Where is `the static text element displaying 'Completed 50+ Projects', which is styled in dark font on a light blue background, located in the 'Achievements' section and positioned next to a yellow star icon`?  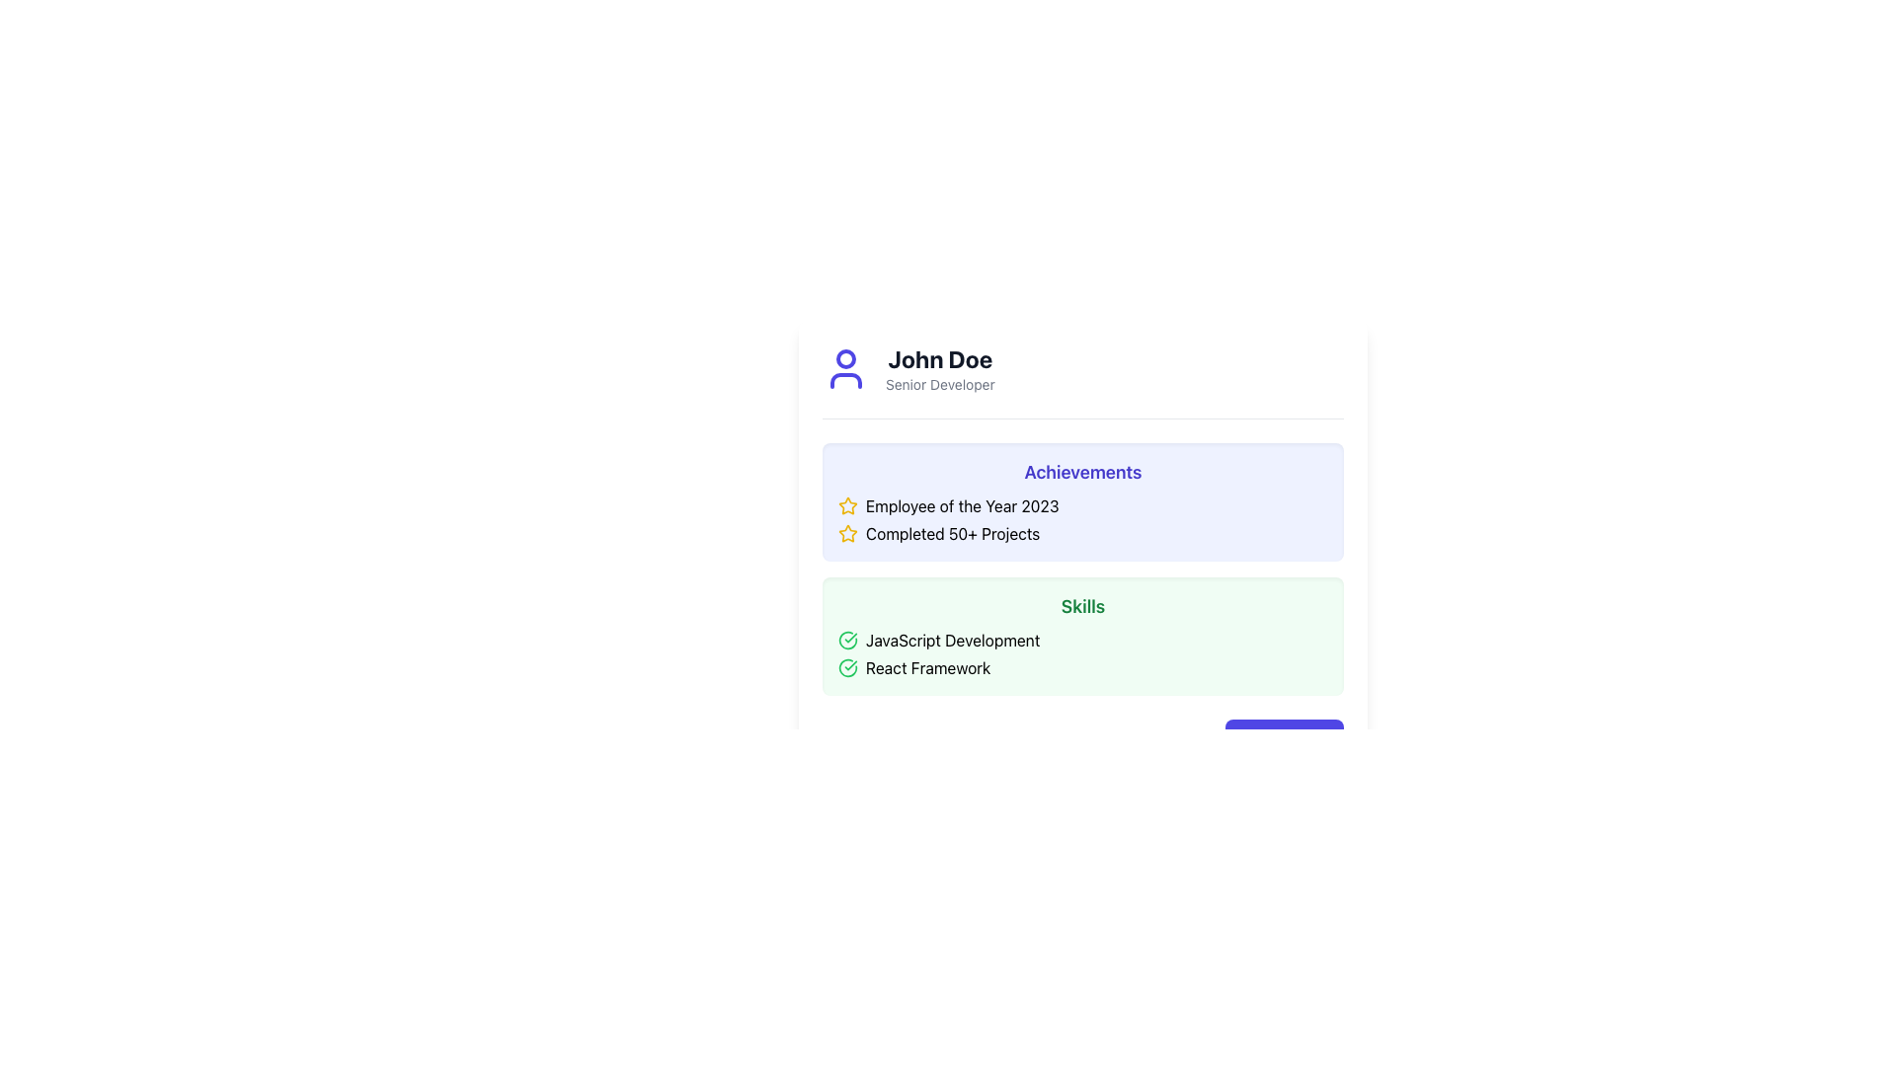
the static text element displaying 'Completed 50+ Projects', which is styled in dark font on a light blue background, located in the 'Achievements' section and positioned next to a yellow star icon is located at coordinates (953, 533).